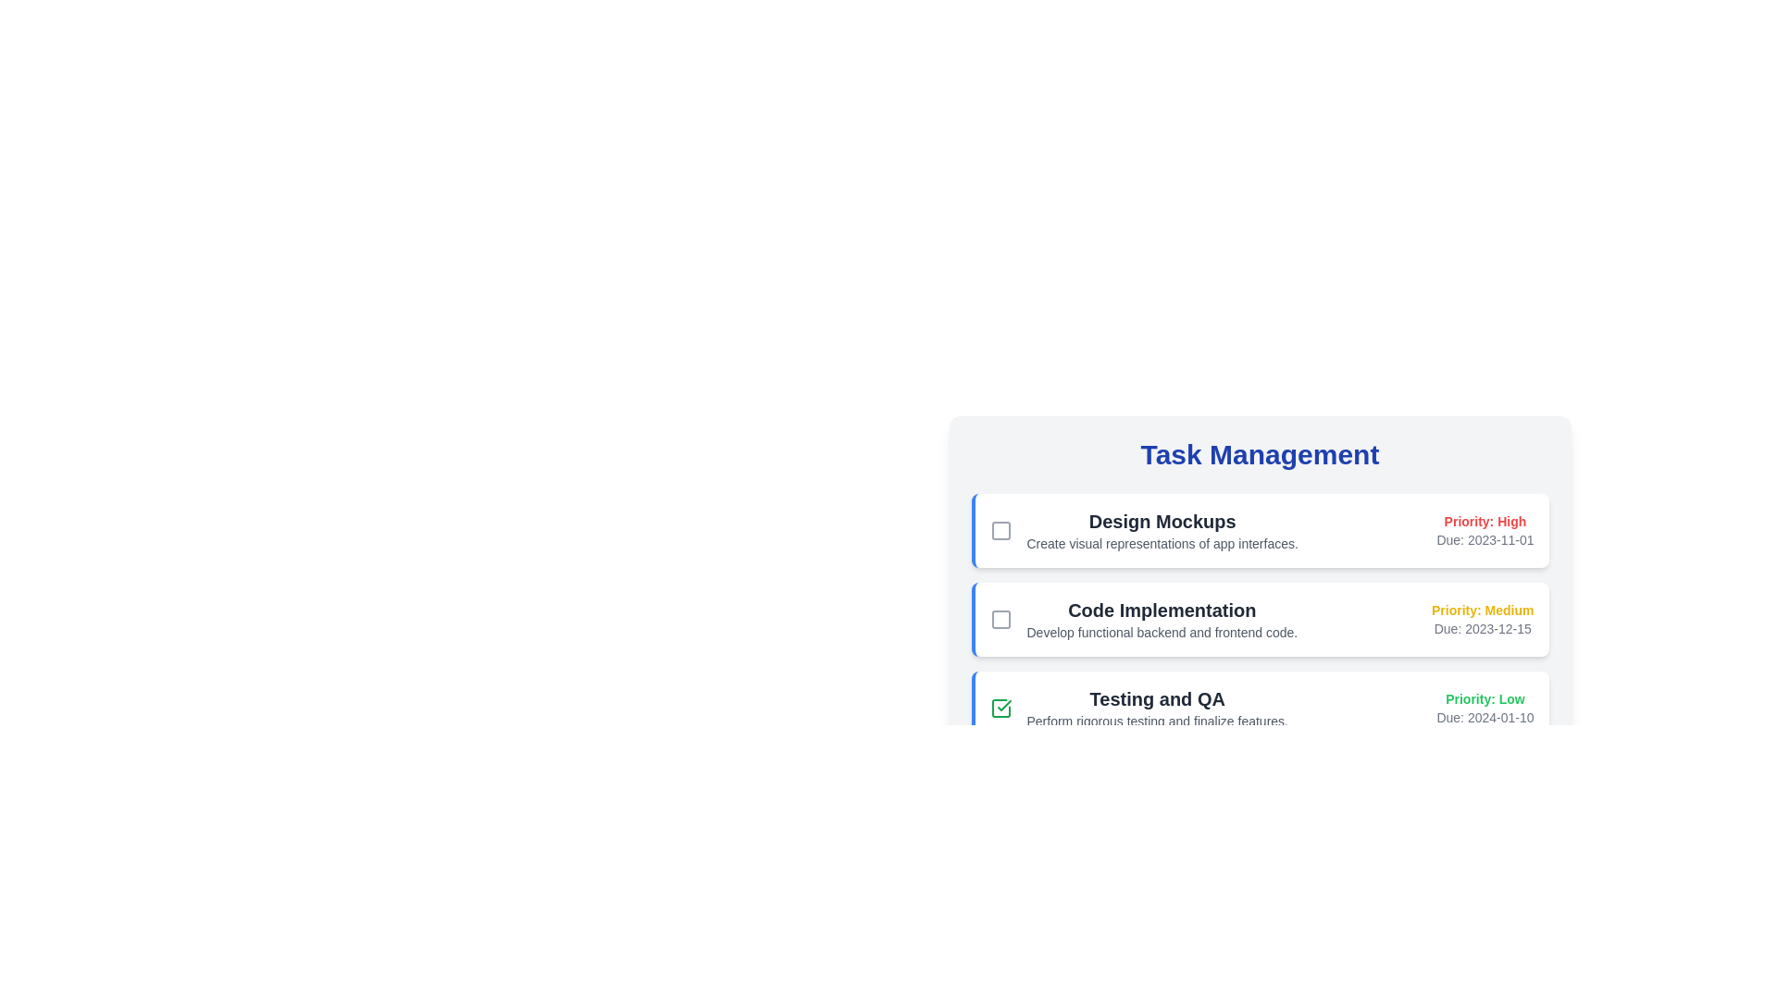 The width and height of the screenshot is (1777, 999). What do you see at coordinates (1259, 708) in the screenshot?
I see `the third Task card with a white background and blue left border, which contains a title in bold black text and additional information in colored text, located below 'Code Implementation'` at bounding box center [1259, 708].